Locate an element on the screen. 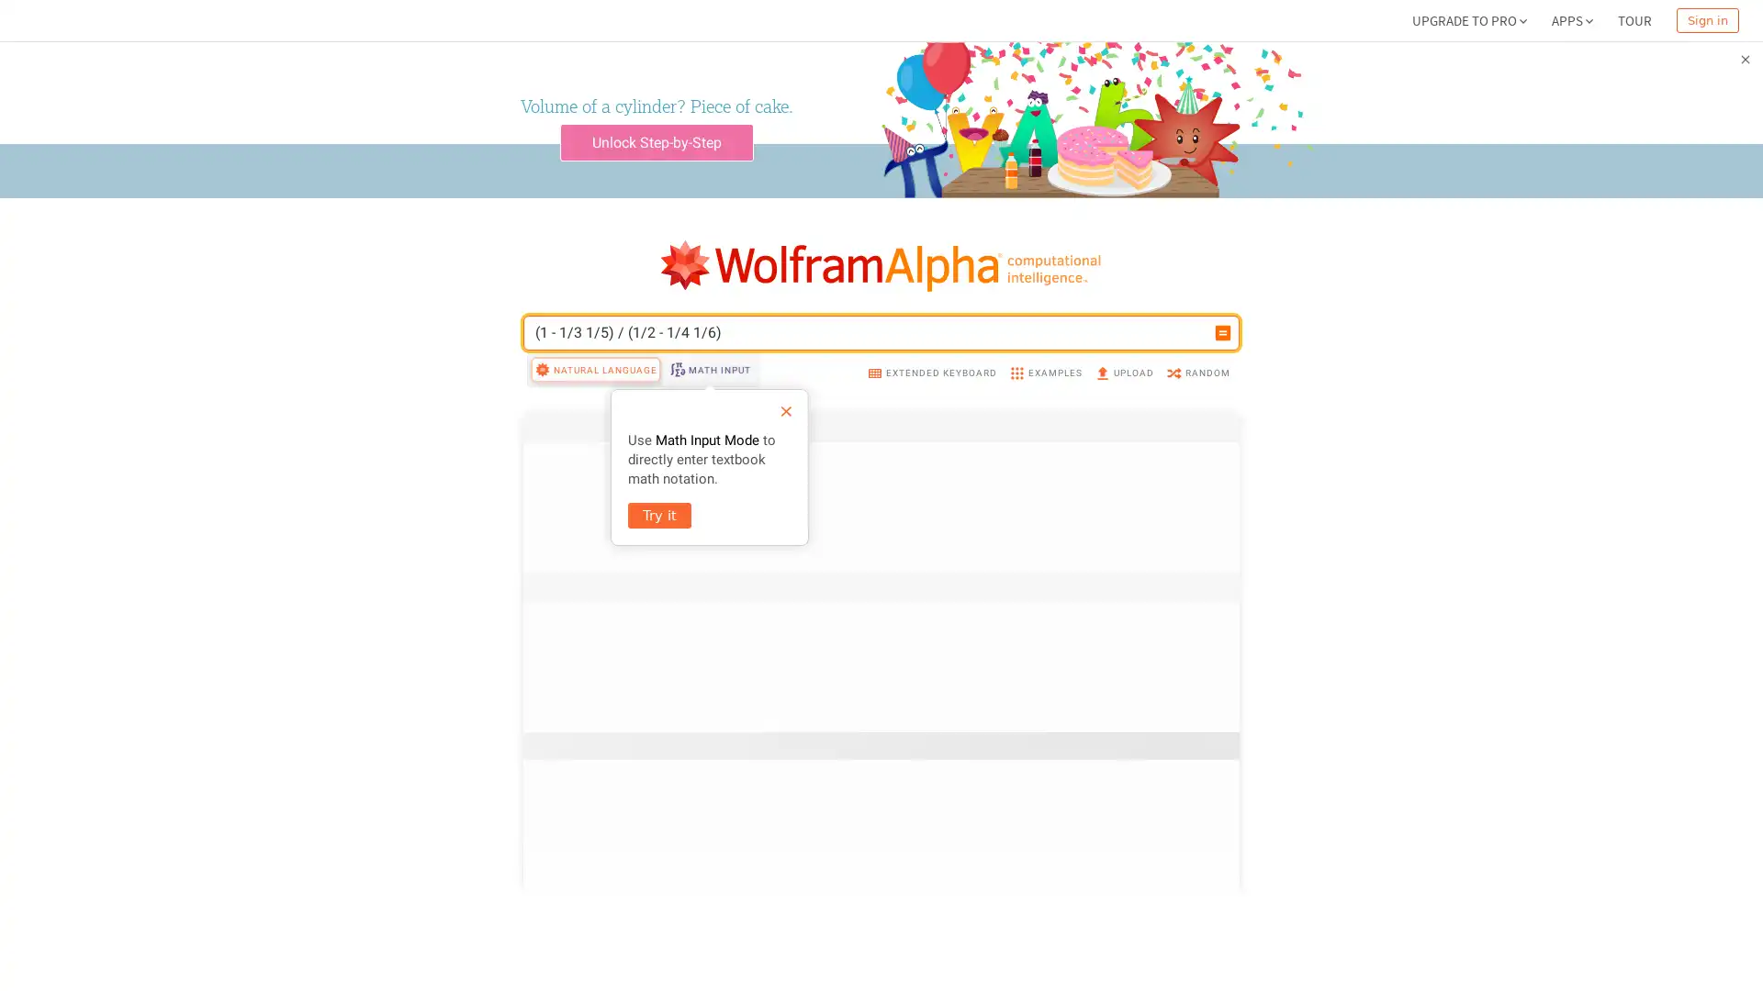 Image resolution: width=1763 pixels, height=991 pixels. Try it is located at coordinates (659, 516).